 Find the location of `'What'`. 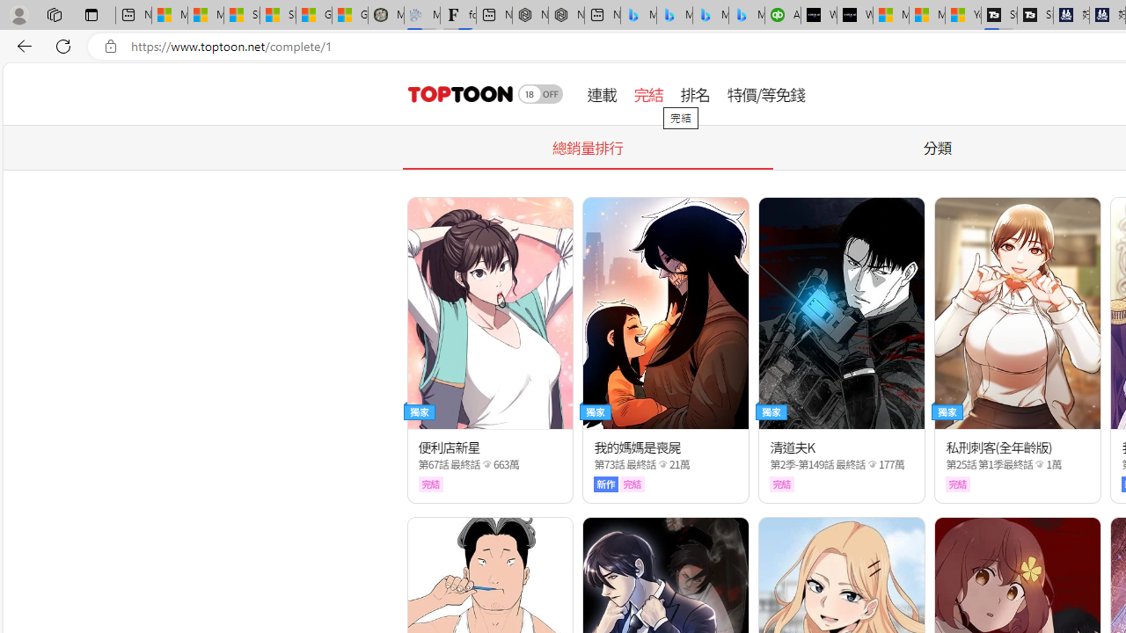

'What' is located at coordinates (855, 15).